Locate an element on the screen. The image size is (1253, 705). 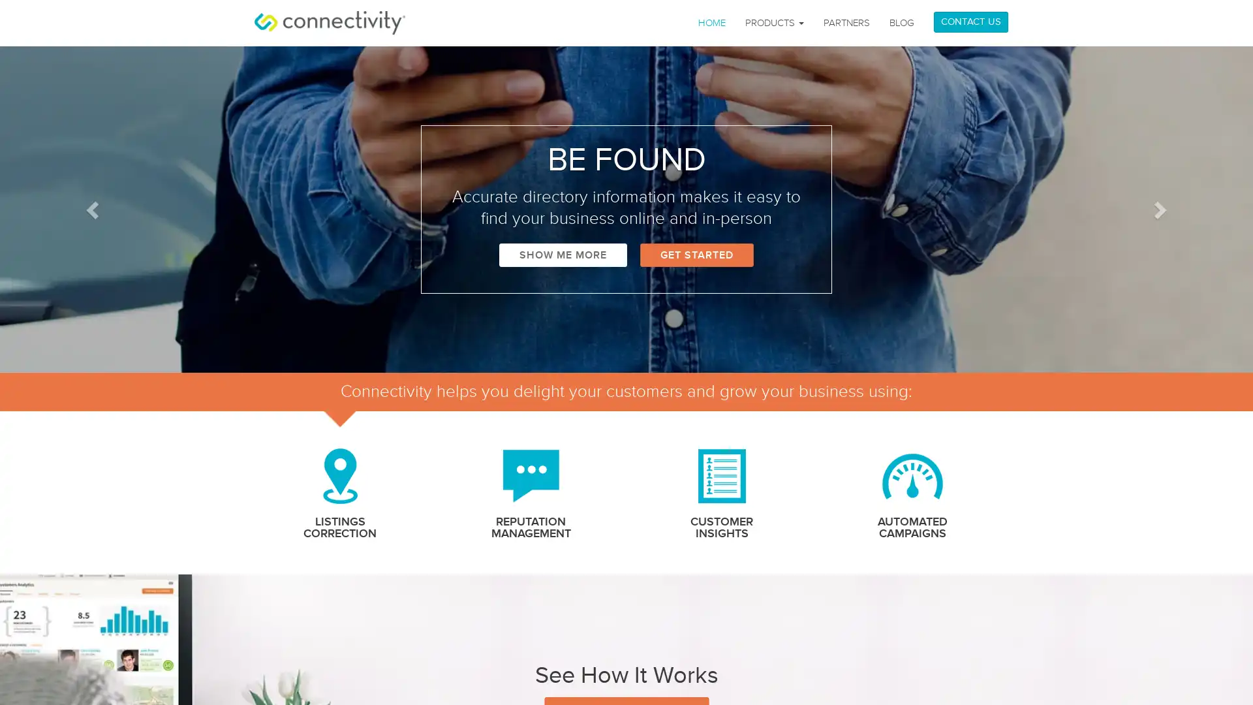
Contact us is located at coordinates (1187, 675).